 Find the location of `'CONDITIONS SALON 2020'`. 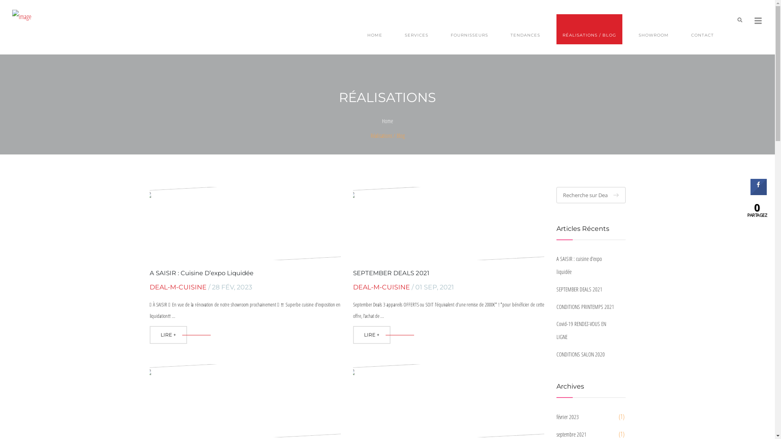

'CONDITIONS SALON 2020' is located at coordinates (556, 354).